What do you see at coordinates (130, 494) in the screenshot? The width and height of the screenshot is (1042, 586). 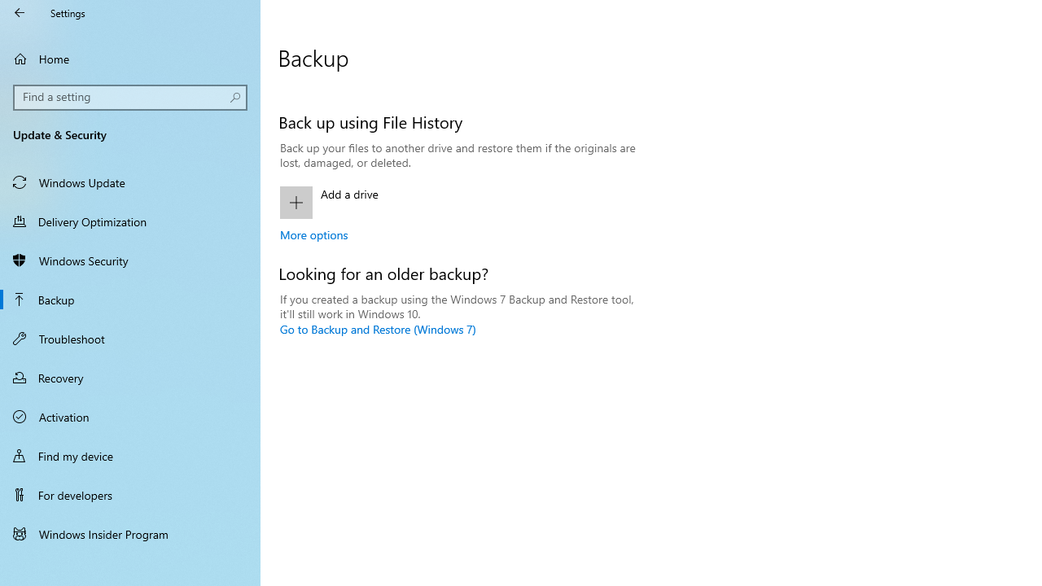 I see `'For developers'` at bounding box center [130, 494].